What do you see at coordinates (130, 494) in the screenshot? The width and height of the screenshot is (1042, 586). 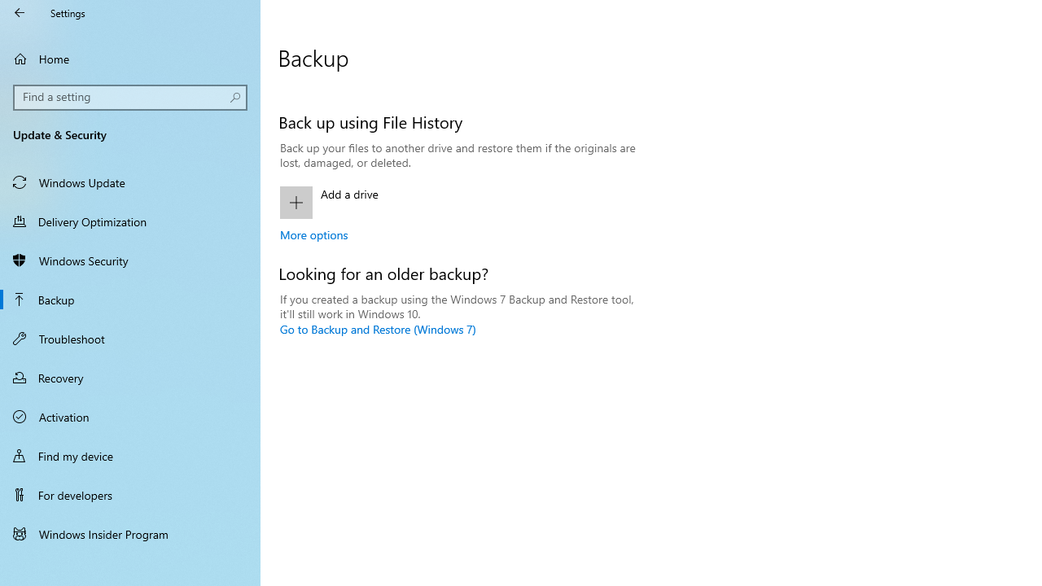 I see `'For developers'` at bounding box center [130, 494].